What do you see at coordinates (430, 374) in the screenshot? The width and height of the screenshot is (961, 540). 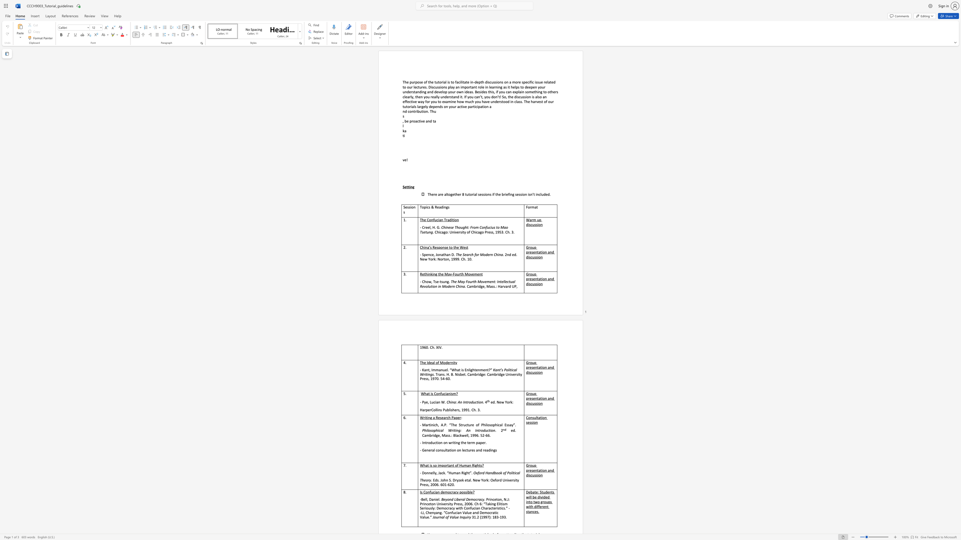 I see `the subset text "gs" within the text "Kant’s Political Writings"` at bounding box center [430, 374].